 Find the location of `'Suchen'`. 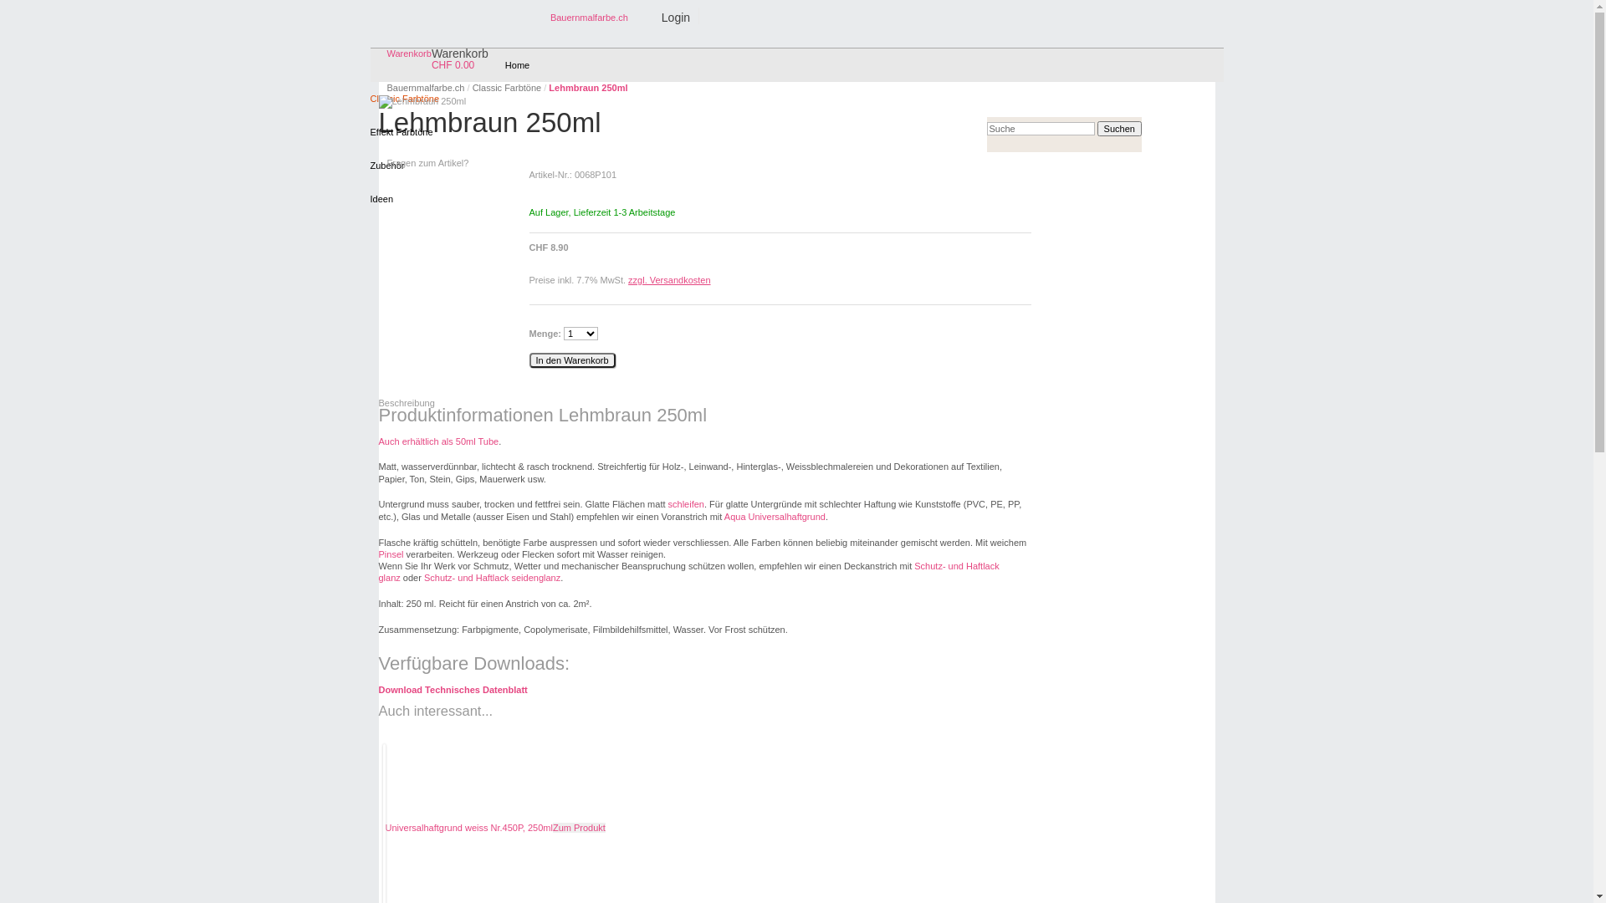

'Suchen' is located at coordinates (1119, 128).